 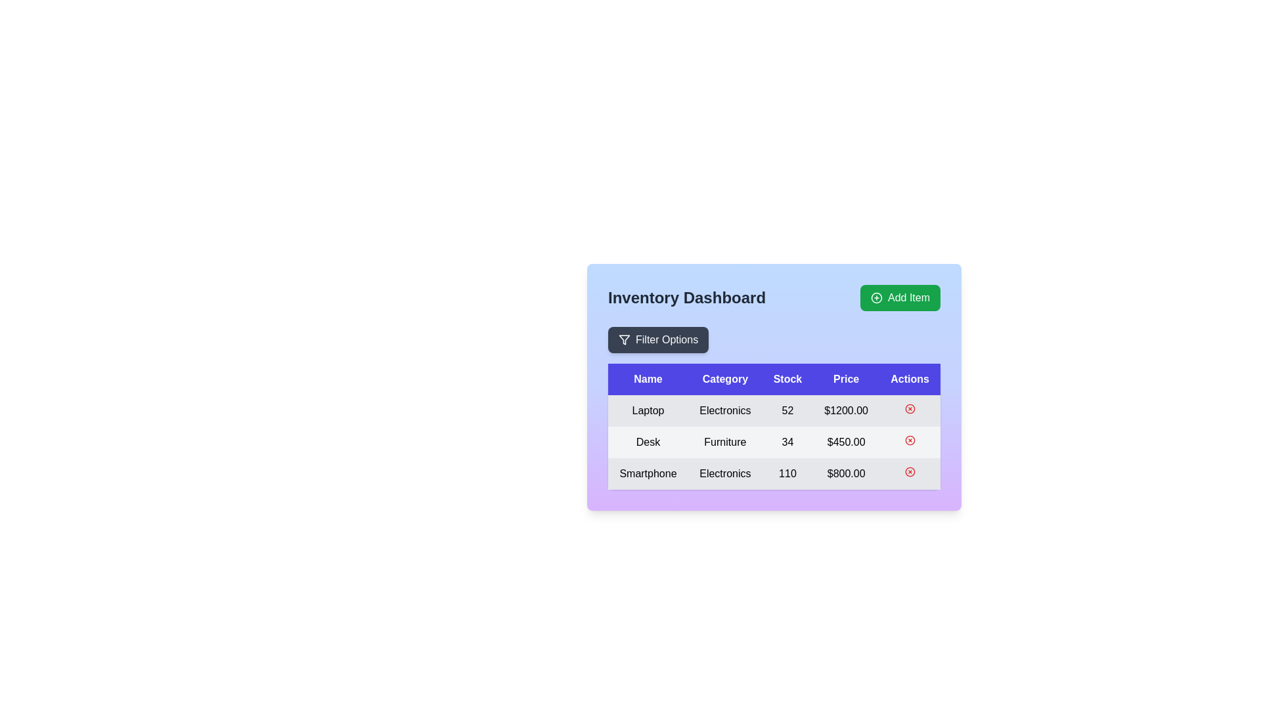 What do you see at coordinates (686, 298) in the screenshot?
I see `the 'Inventory Dashboard' header text label, which indicates the current section of the page` at bounding box center [686, 298].